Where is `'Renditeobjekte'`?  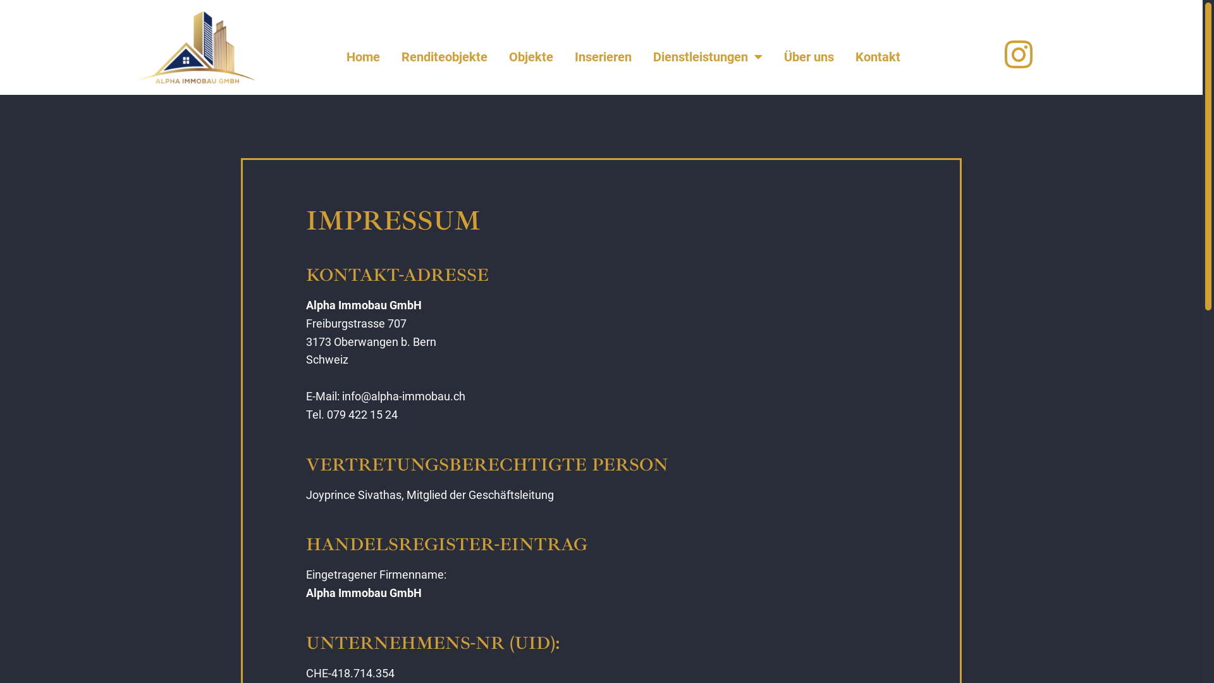
'Renditeobjekte' is located at coordinates (390, 56).